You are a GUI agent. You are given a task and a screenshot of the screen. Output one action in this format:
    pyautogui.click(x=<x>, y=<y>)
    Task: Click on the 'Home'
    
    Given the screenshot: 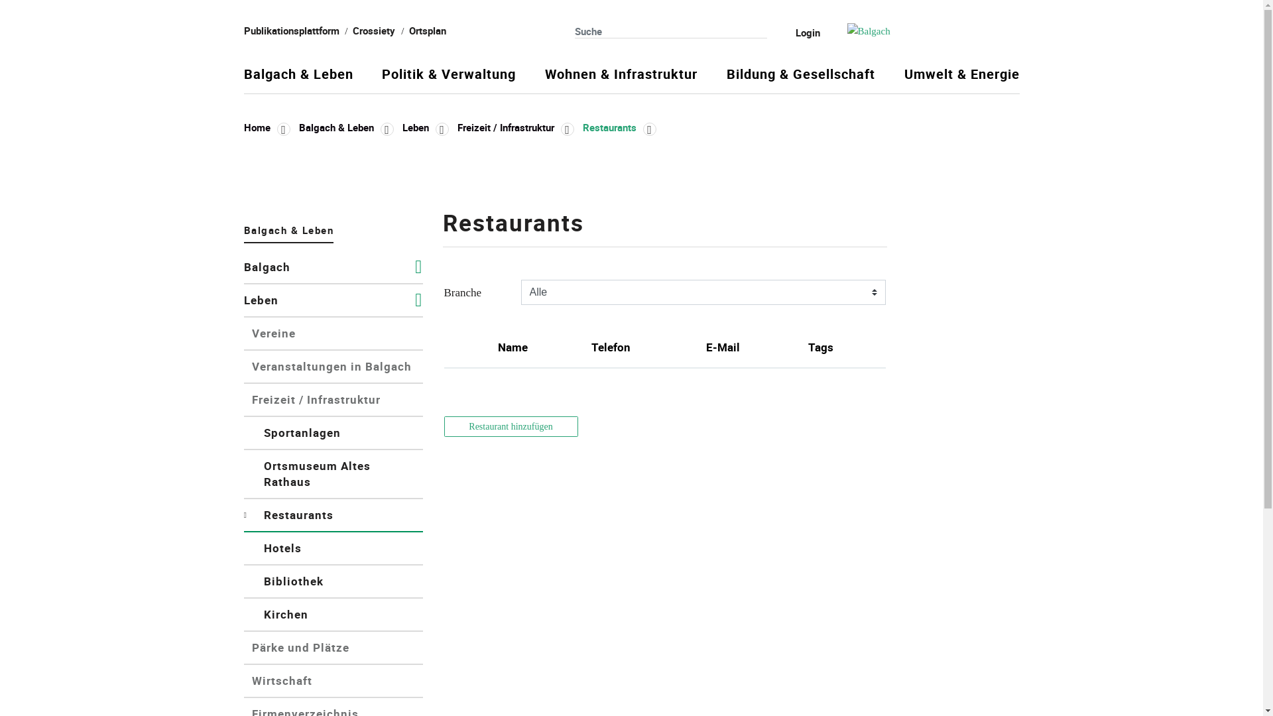 What is the action you would take?
    pyautogui.click(x=267, y=127)
    